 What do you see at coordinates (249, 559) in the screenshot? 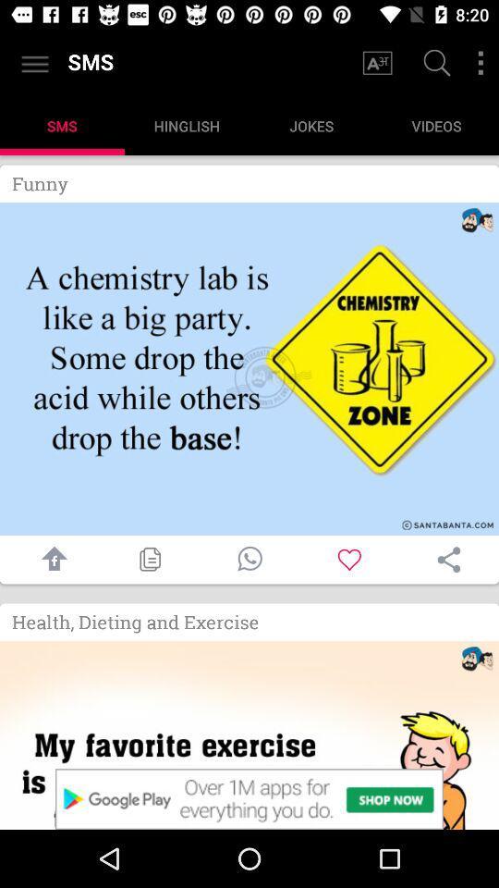
I see `call the option` at bounding box center [249, 559].